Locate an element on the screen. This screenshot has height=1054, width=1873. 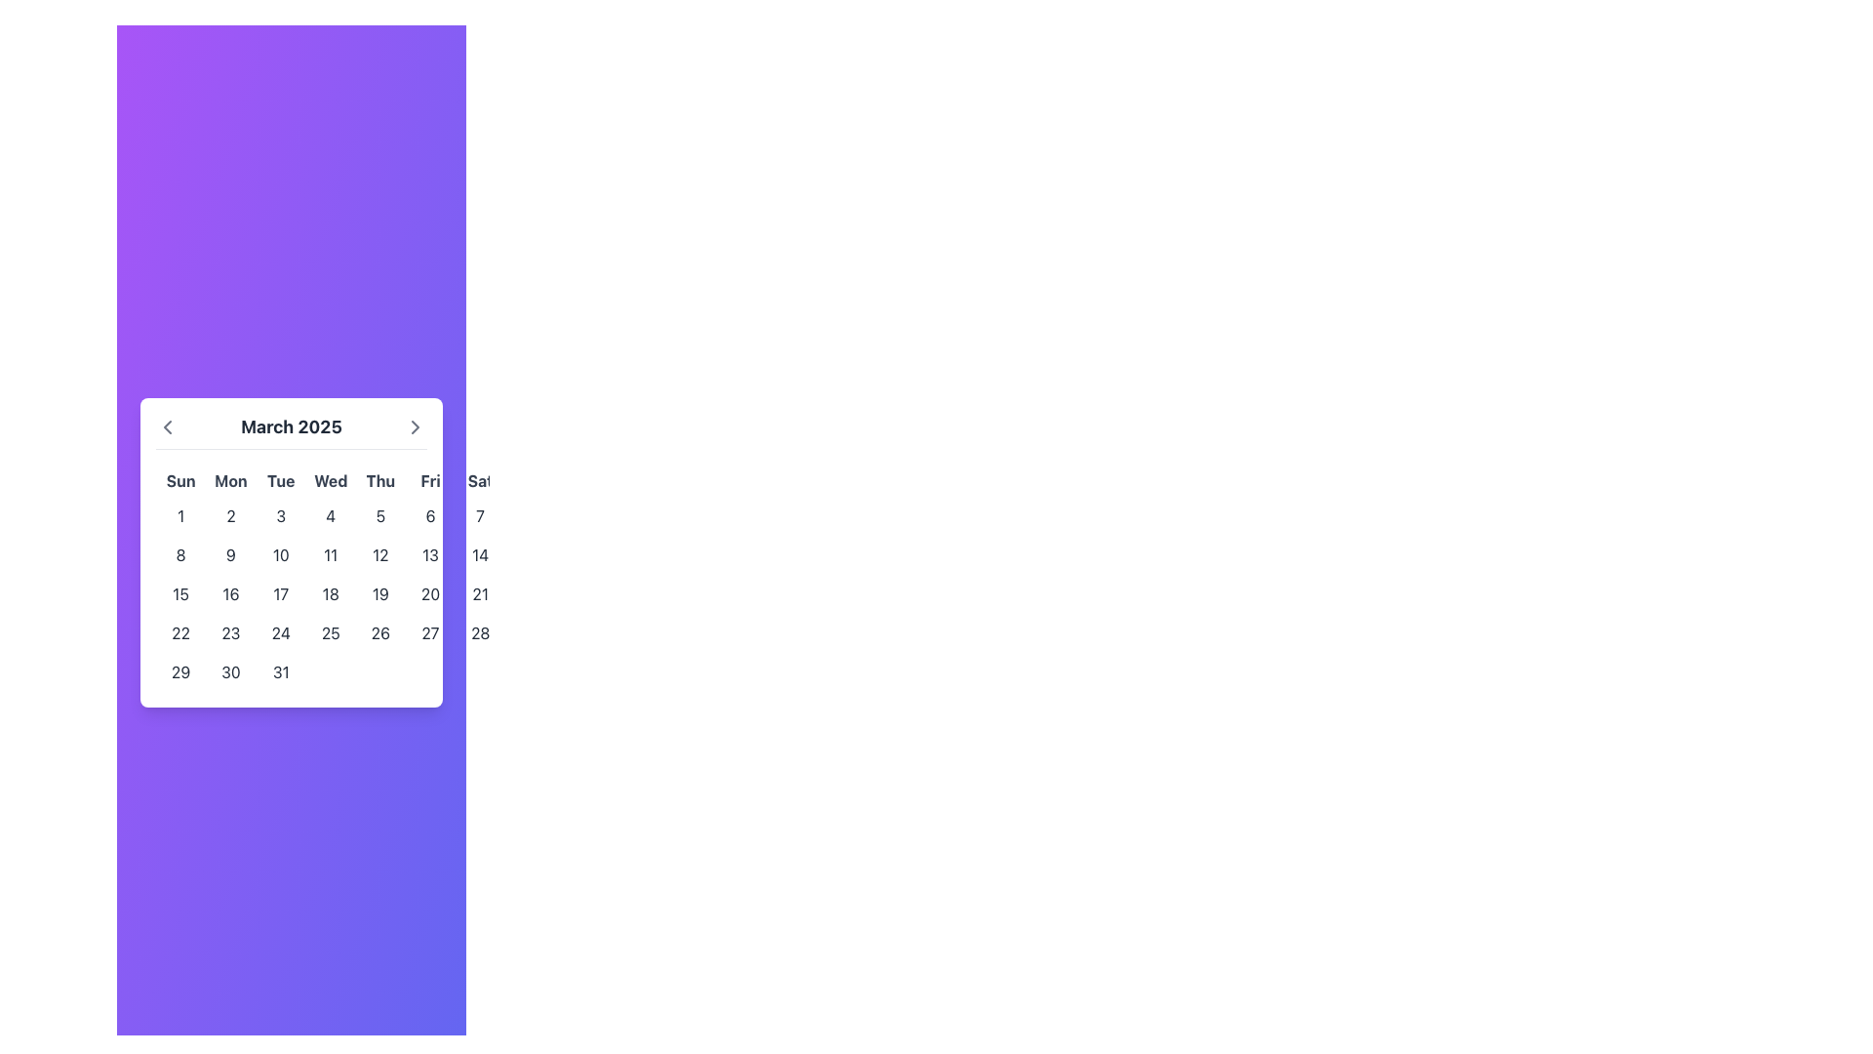
the button displaying the numeral '3', which is the third element in a series of buttons labeled from '1' to '7', characterized by its bold, dark-gray font and square appearance is located at coordinates (280, 514).